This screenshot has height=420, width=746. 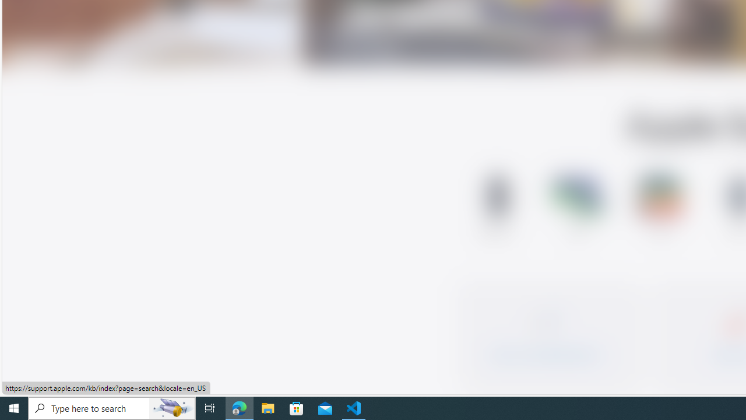 I want to click on 'iPhone Support', so click(x=497, y=208).